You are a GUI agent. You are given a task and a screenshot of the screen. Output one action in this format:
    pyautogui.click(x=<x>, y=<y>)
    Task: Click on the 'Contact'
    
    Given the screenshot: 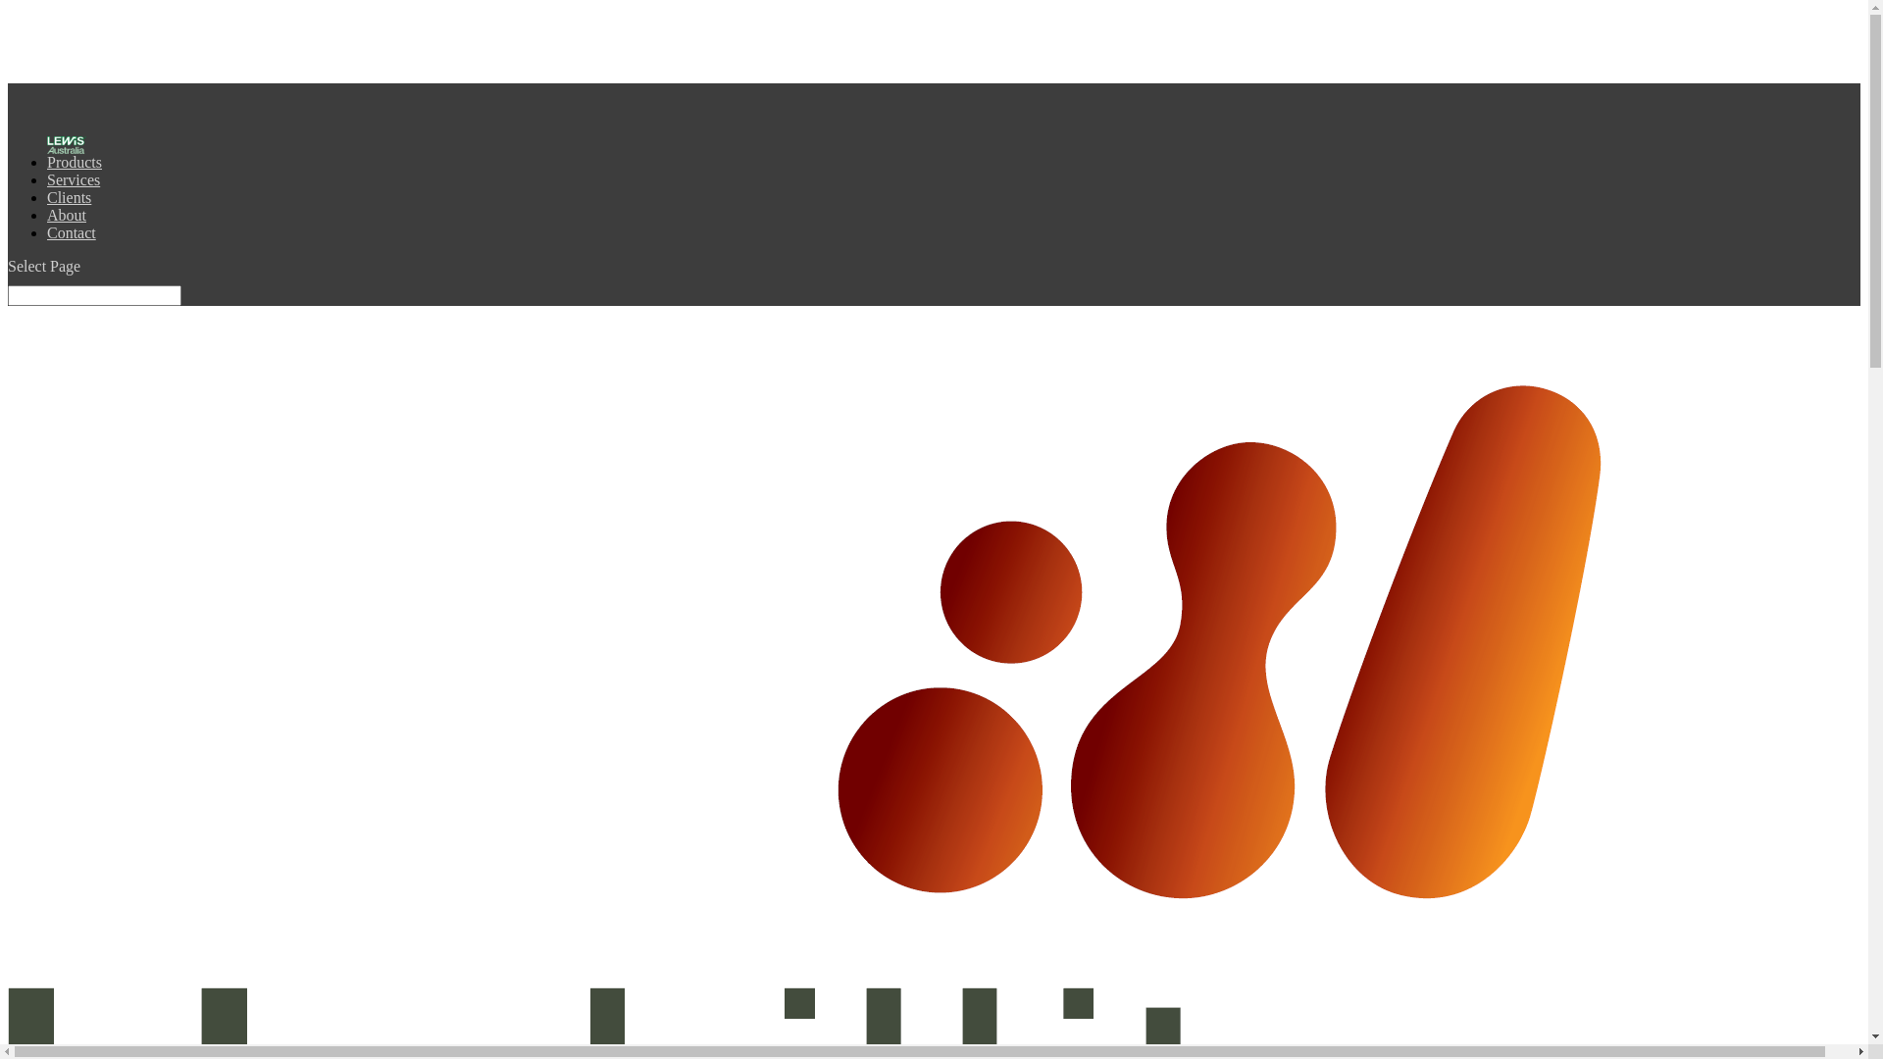 What is the action you would take?
    pyautogui.click(x=71, y=243)
    